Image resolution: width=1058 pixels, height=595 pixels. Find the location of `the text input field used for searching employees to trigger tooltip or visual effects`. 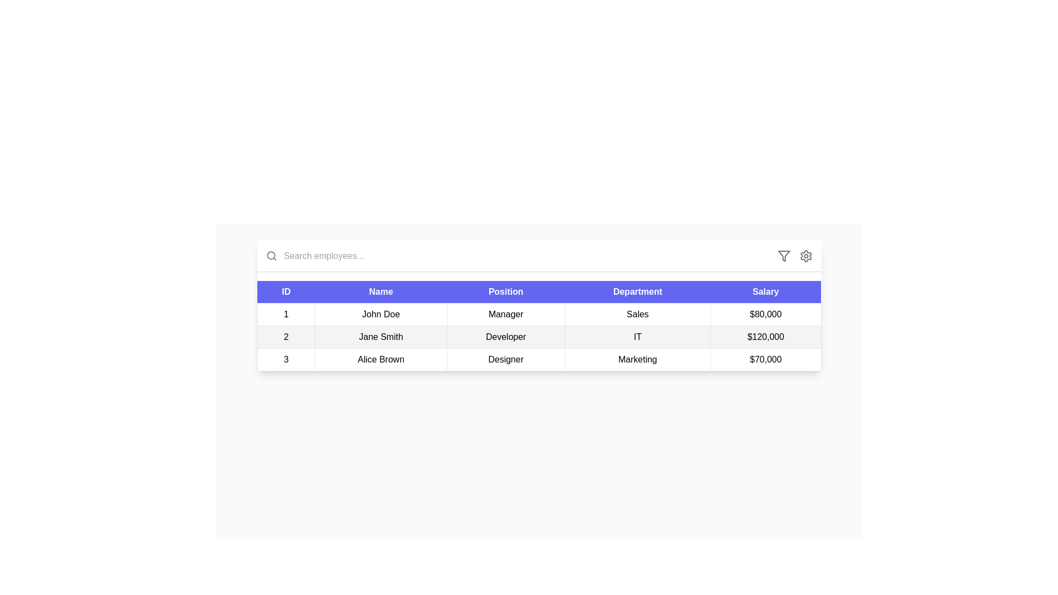

the text input field used for searching employees to trigger tooltip or visual effects is located at coordinates (339, 256).